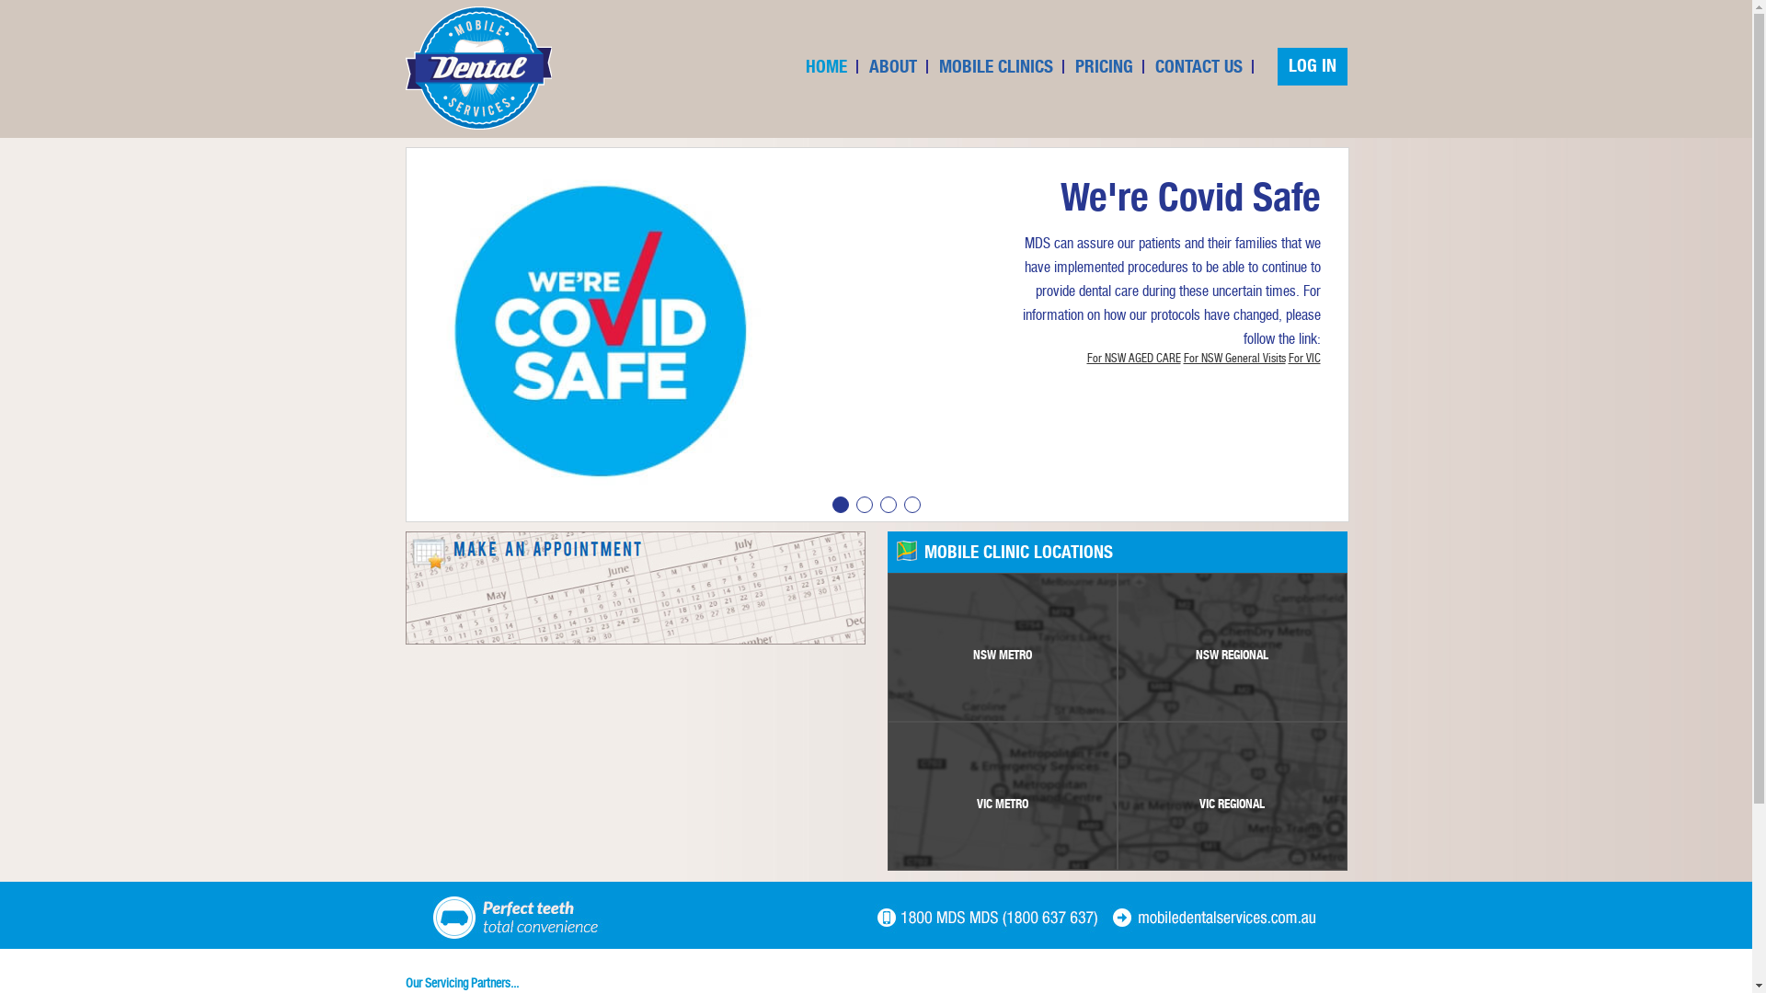  What do you see at coordinates (1198, 65) in the screenshot?
I see `'CONTACT US'` at bounding box center [1198, 65].